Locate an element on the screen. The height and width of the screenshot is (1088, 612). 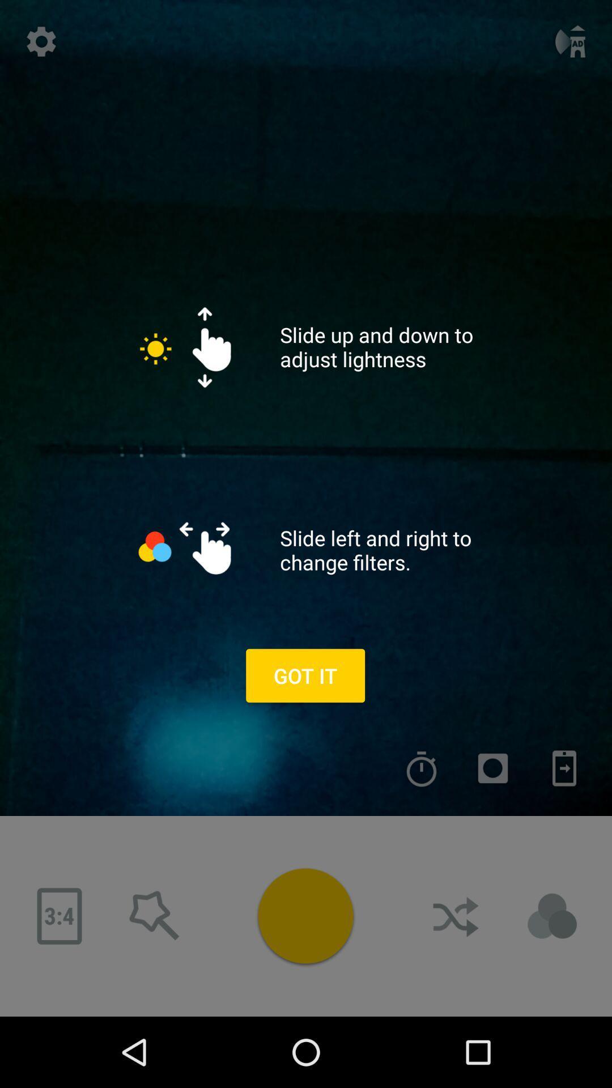
the time icon is located at coordinates (422, 768).